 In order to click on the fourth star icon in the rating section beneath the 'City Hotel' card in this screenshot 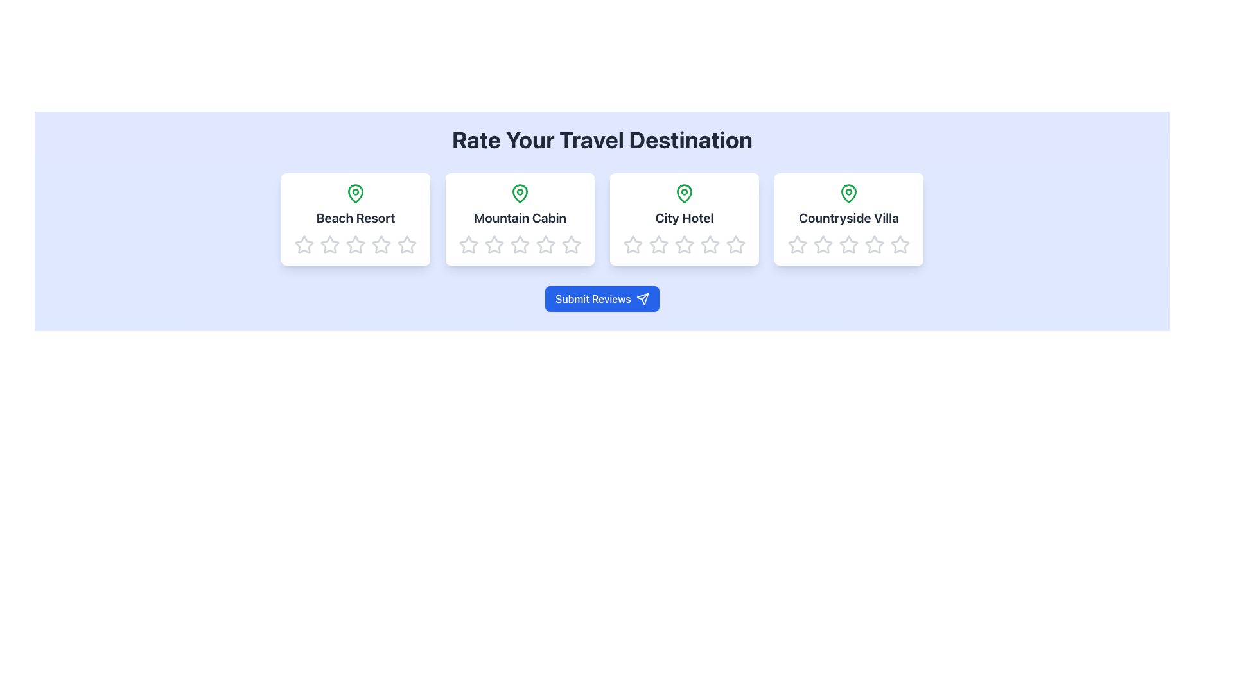, I will do `click(683, 244)`.